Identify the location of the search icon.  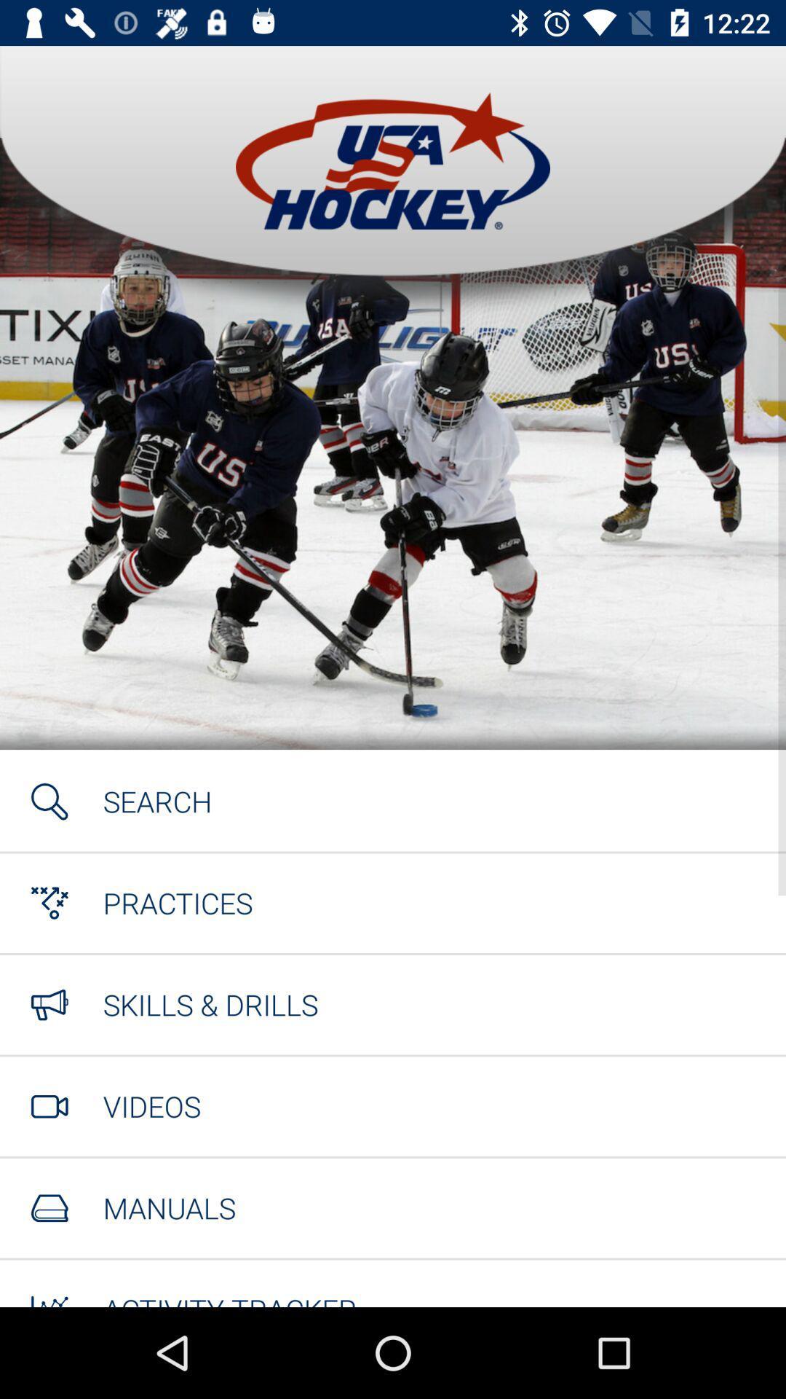
(157, 800).